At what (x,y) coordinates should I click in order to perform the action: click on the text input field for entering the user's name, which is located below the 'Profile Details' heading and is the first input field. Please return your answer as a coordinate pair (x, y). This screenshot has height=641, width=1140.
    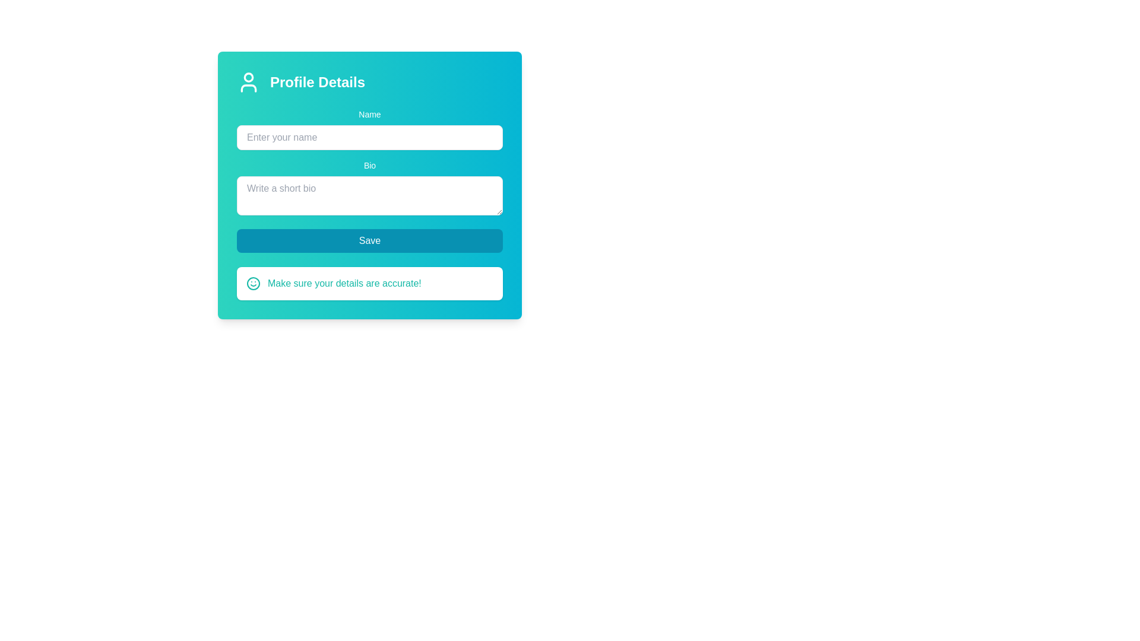
    Looking at the image, I should click on (369, 129).